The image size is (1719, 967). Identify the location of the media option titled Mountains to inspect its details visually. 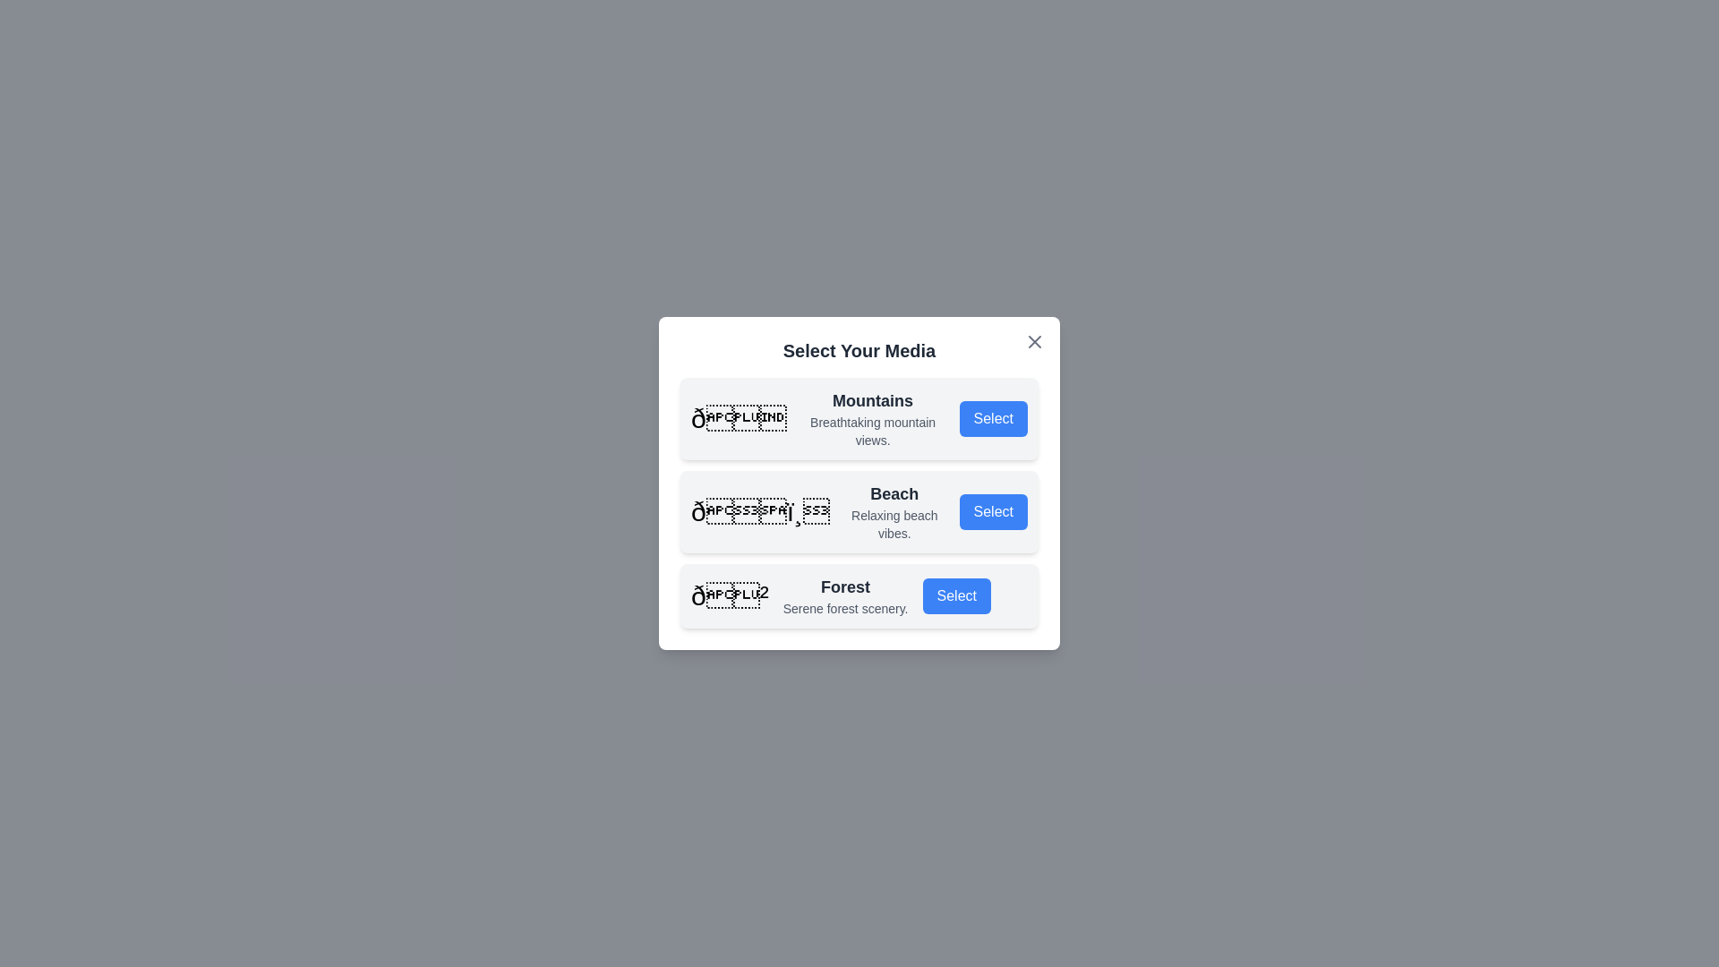
(859, 418).